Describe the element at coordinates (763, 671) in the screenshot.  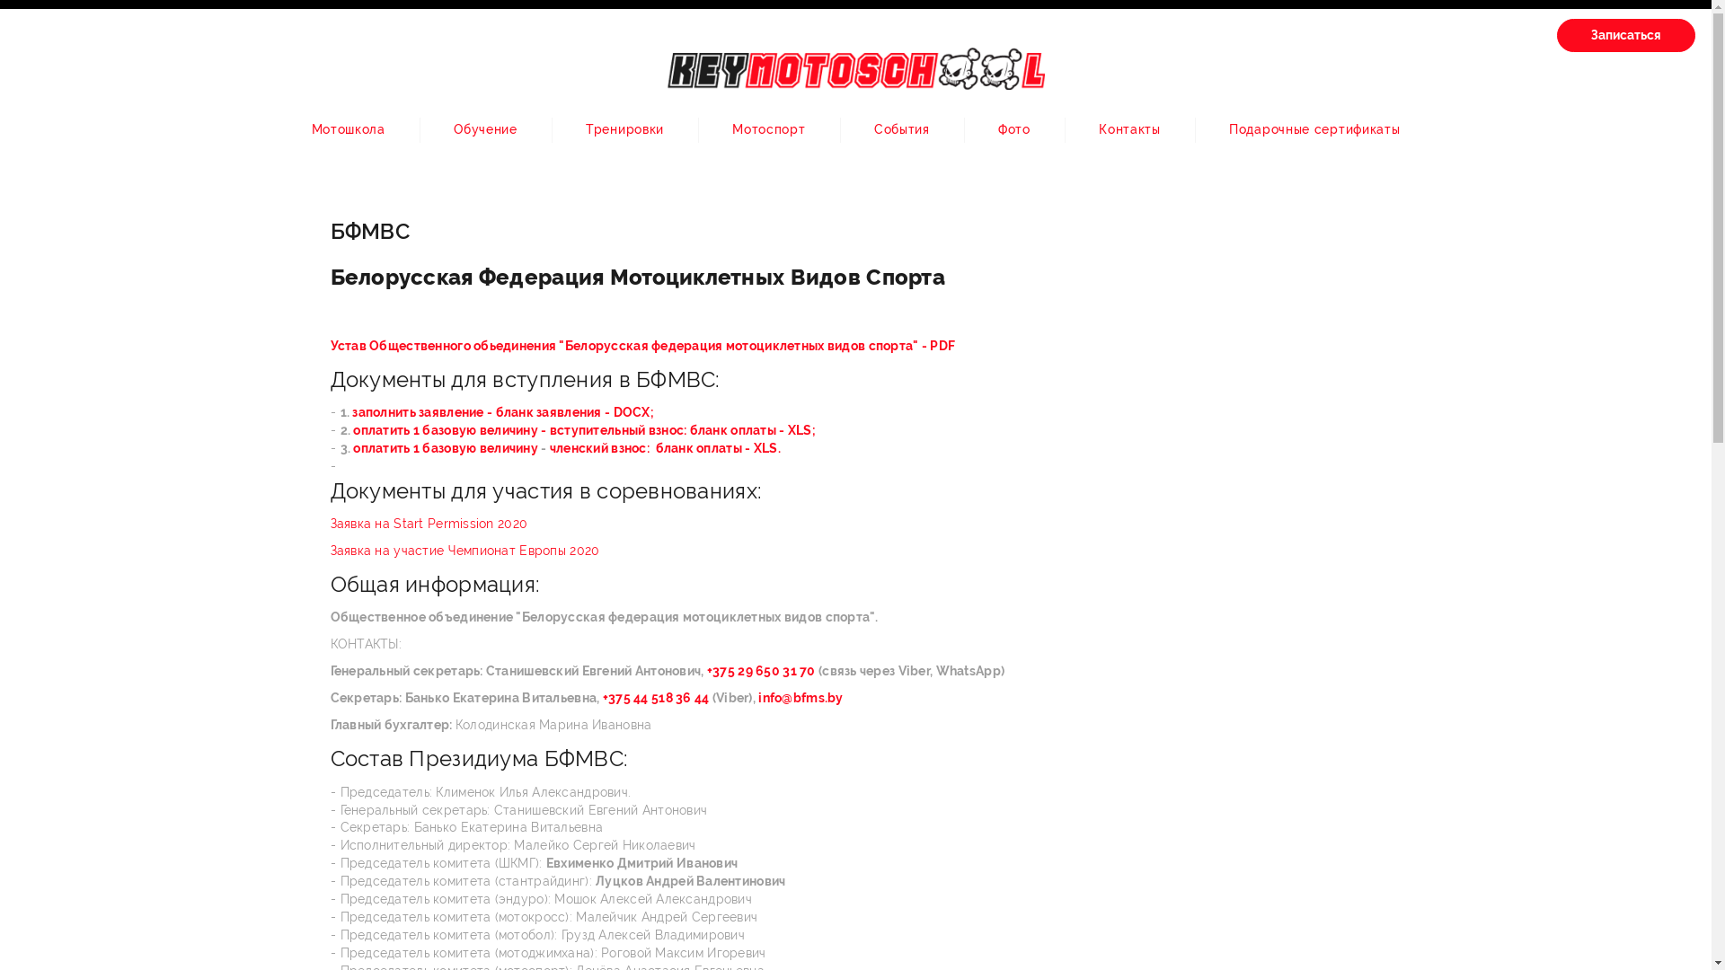
I see `'+375 29 650 31 70'` at that location.